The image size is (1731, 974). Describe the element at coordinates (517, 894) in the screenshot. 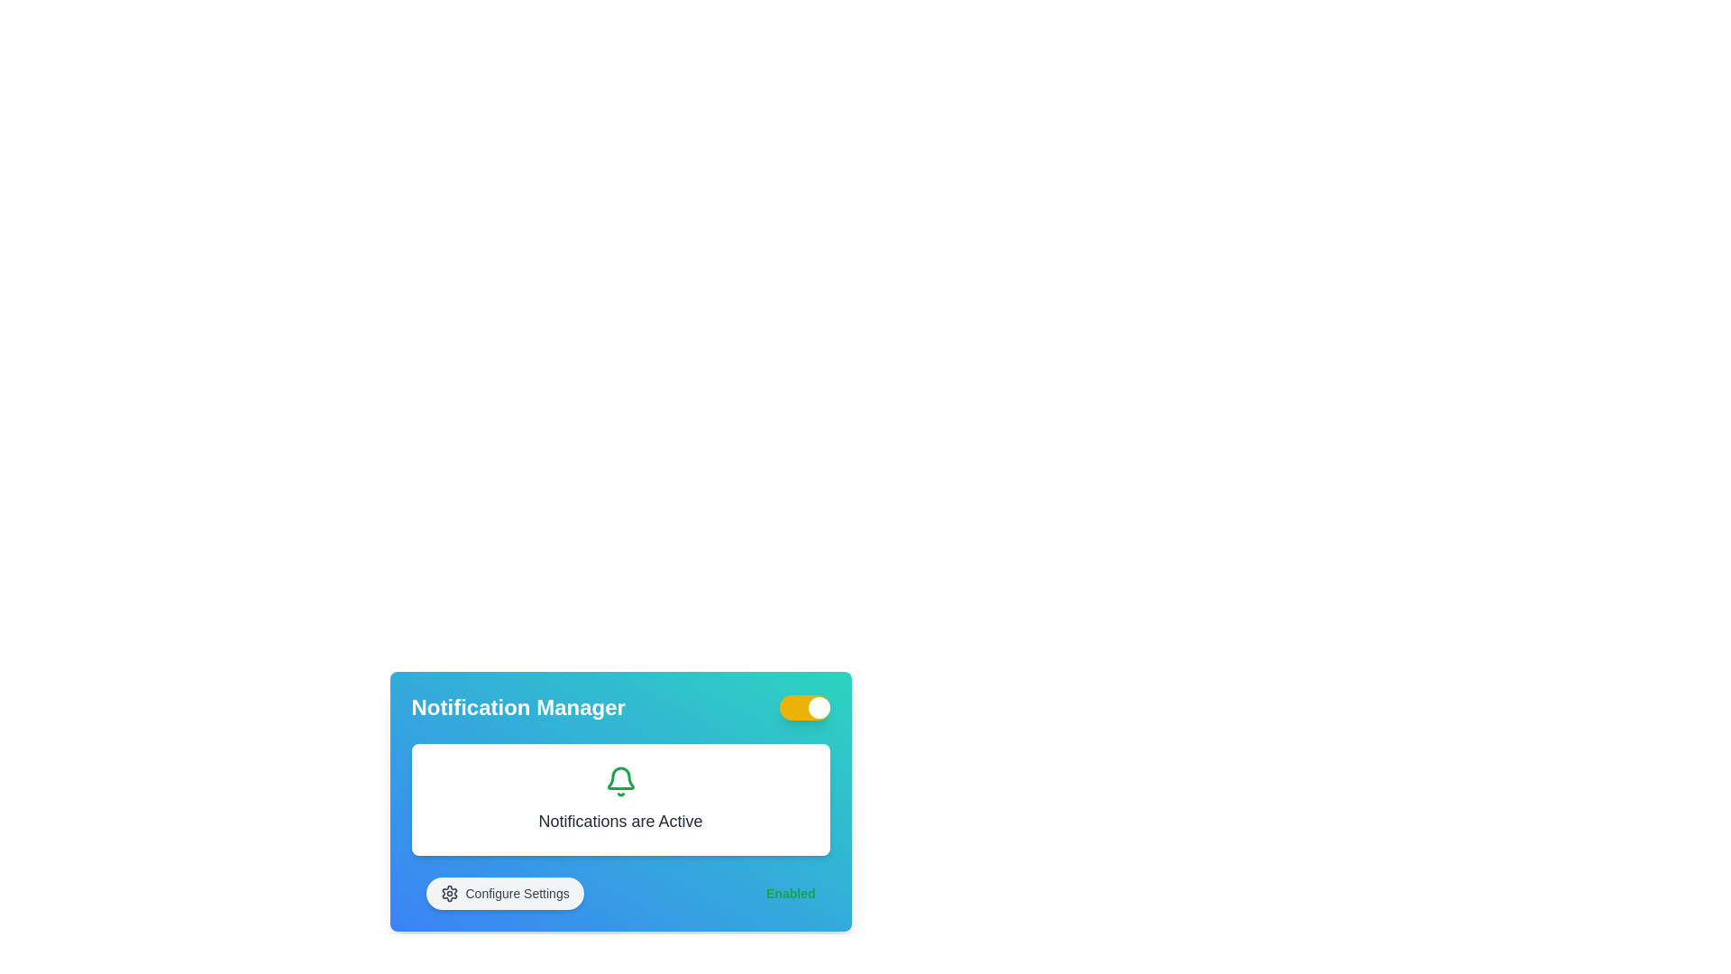

I see `the text label within the 'Configure Settings' button located in the lower-left corner of the 'Notification Manager' interface` at that location.